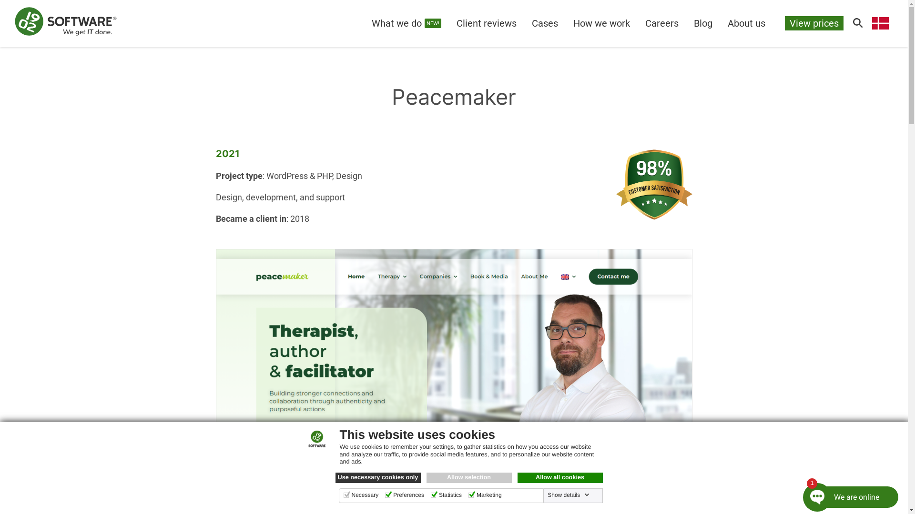 The height and width of the screenshot is (514, 915). I want to click on 'Blog', so click(703, 23).